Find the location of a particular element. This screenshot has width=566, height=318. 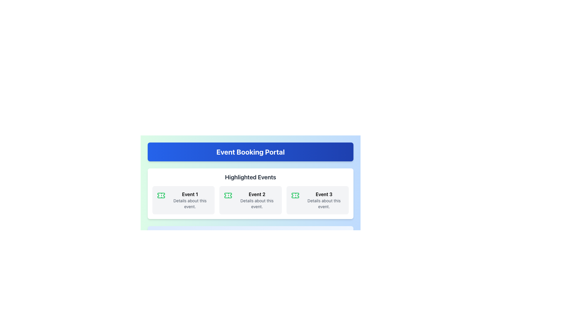

the text label 'Event 3' located in the top region of the third card under the 'Highlighted Events' header, which is distinguishable by its bold font style is located at coordinates (324, 194).